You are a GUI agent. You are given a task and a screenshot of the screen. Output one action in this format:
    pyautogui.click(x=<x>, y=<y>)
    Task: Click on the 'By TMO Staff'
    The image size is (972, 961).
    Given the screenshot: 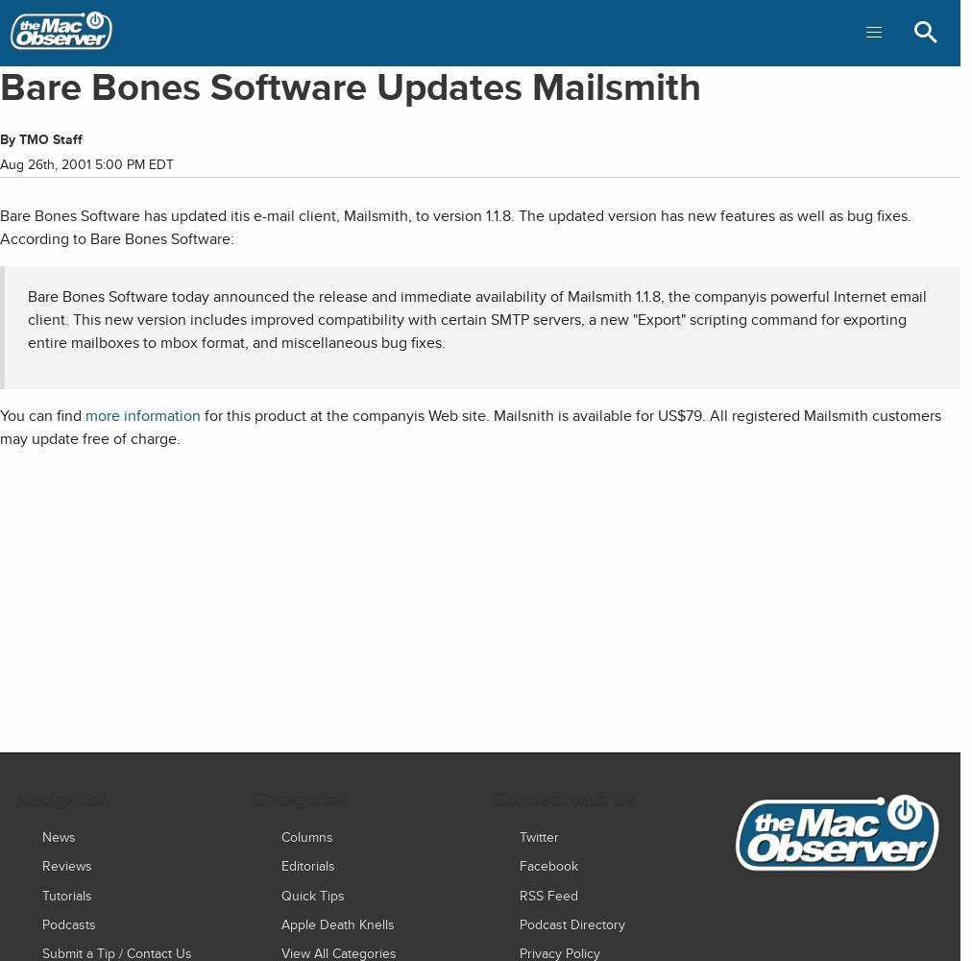 What is the action you would take?
    pyautogui.click(x=40, y=139)
    